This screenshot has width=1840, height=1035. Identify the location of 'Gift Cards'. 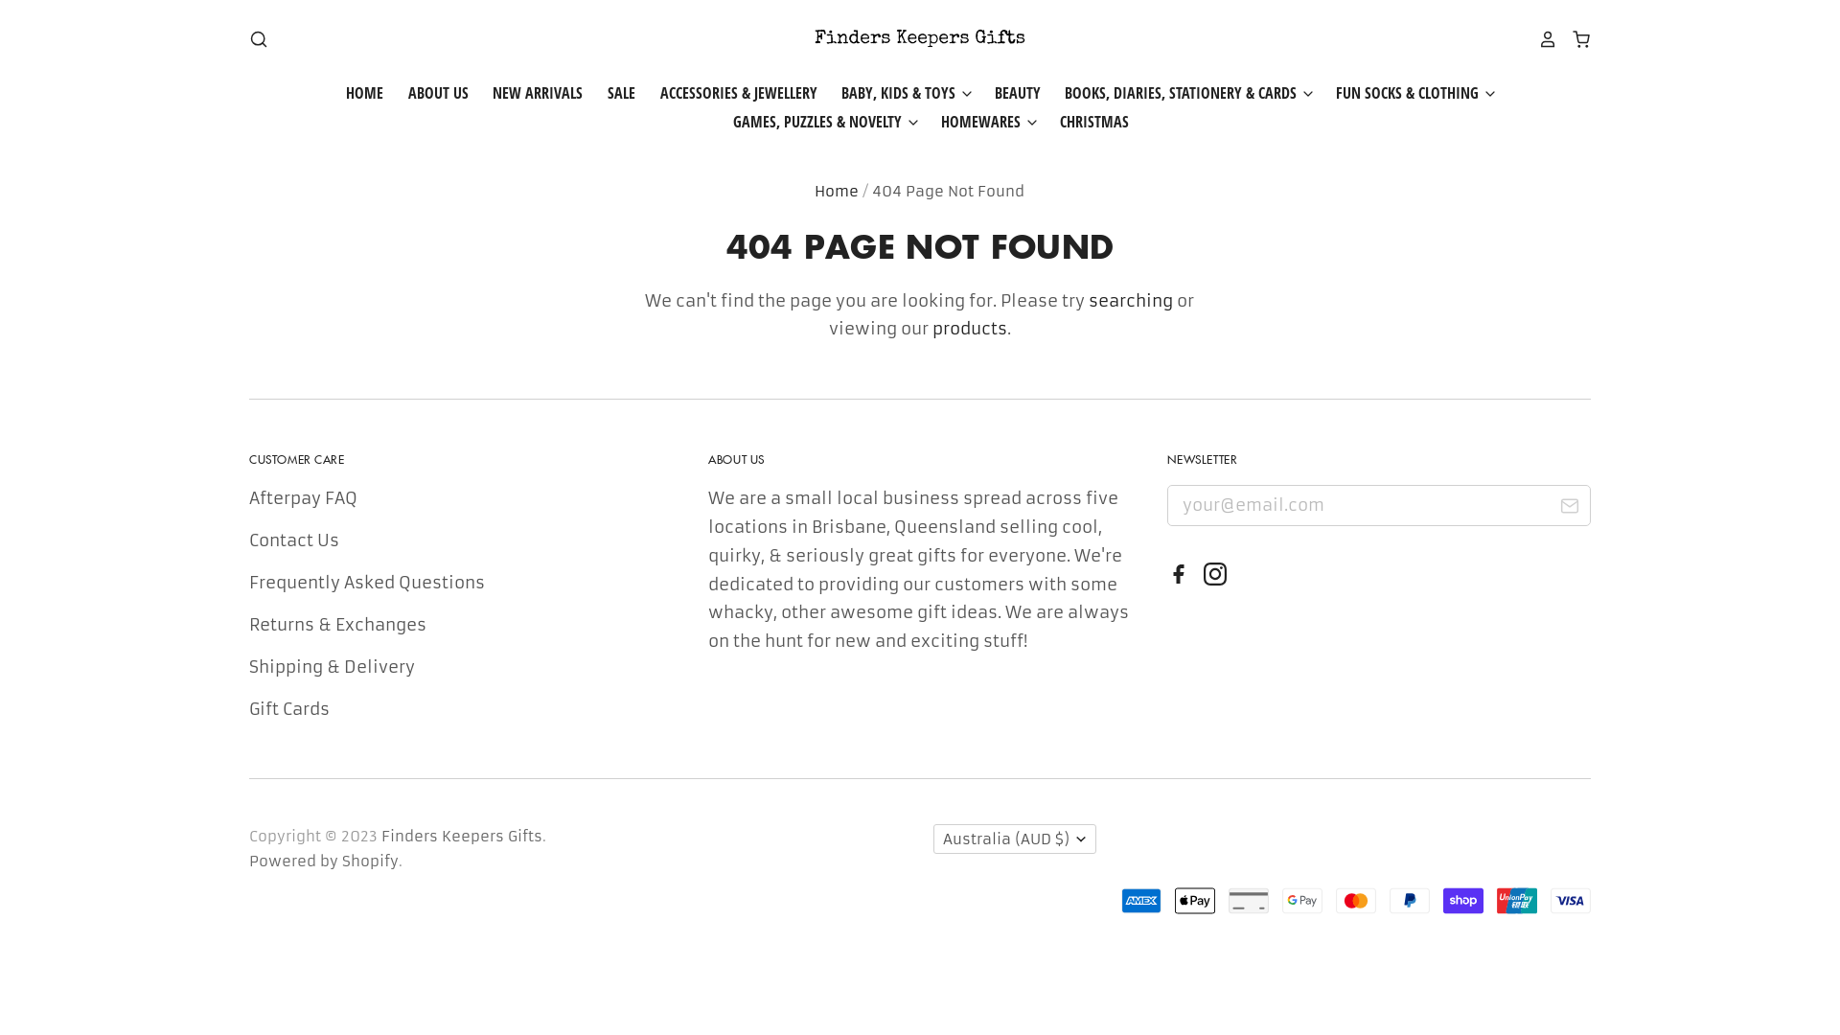
(247, 709).